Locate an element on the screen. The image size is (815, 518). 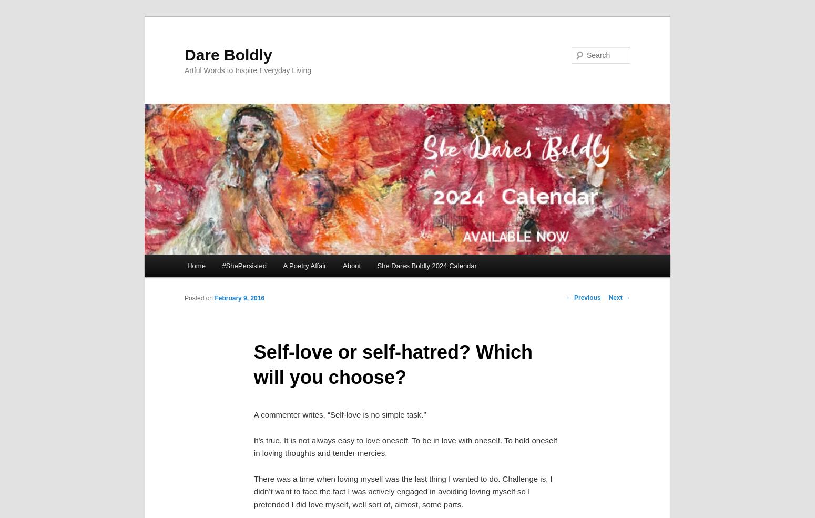
'Previous' is located at coordinates (571, 297).